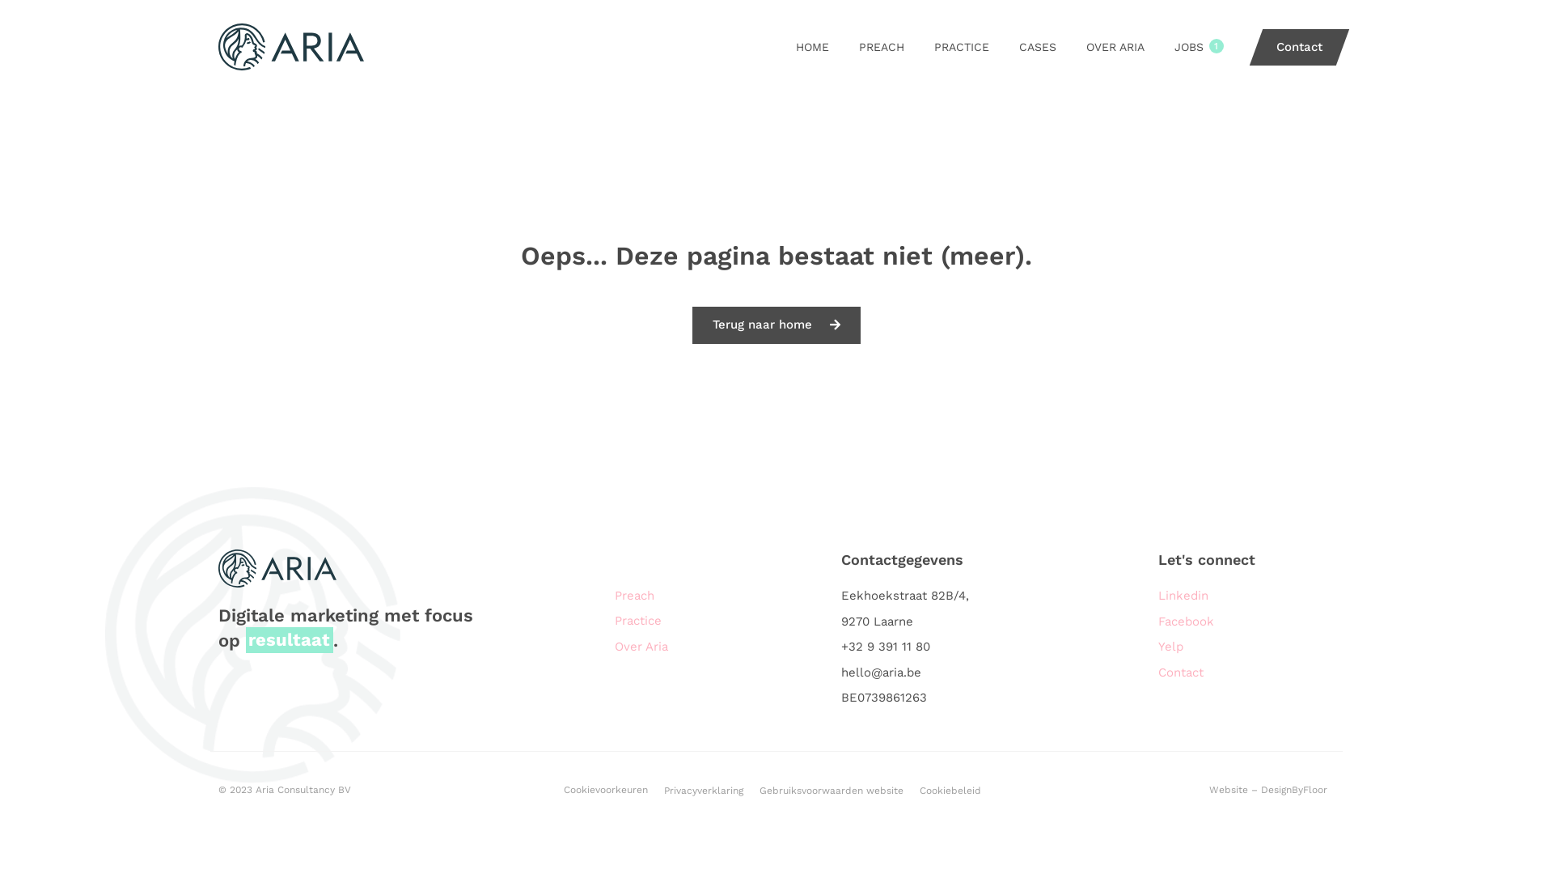 The image size is (1553, 874). Describe the element at coordinates (776, 325) in the screenshot. I see `'Terug naar home'` at that location.